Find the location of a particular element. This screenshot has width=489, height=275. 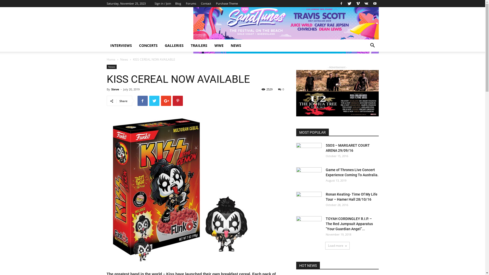

'News' is located at coordinates (124, 59).